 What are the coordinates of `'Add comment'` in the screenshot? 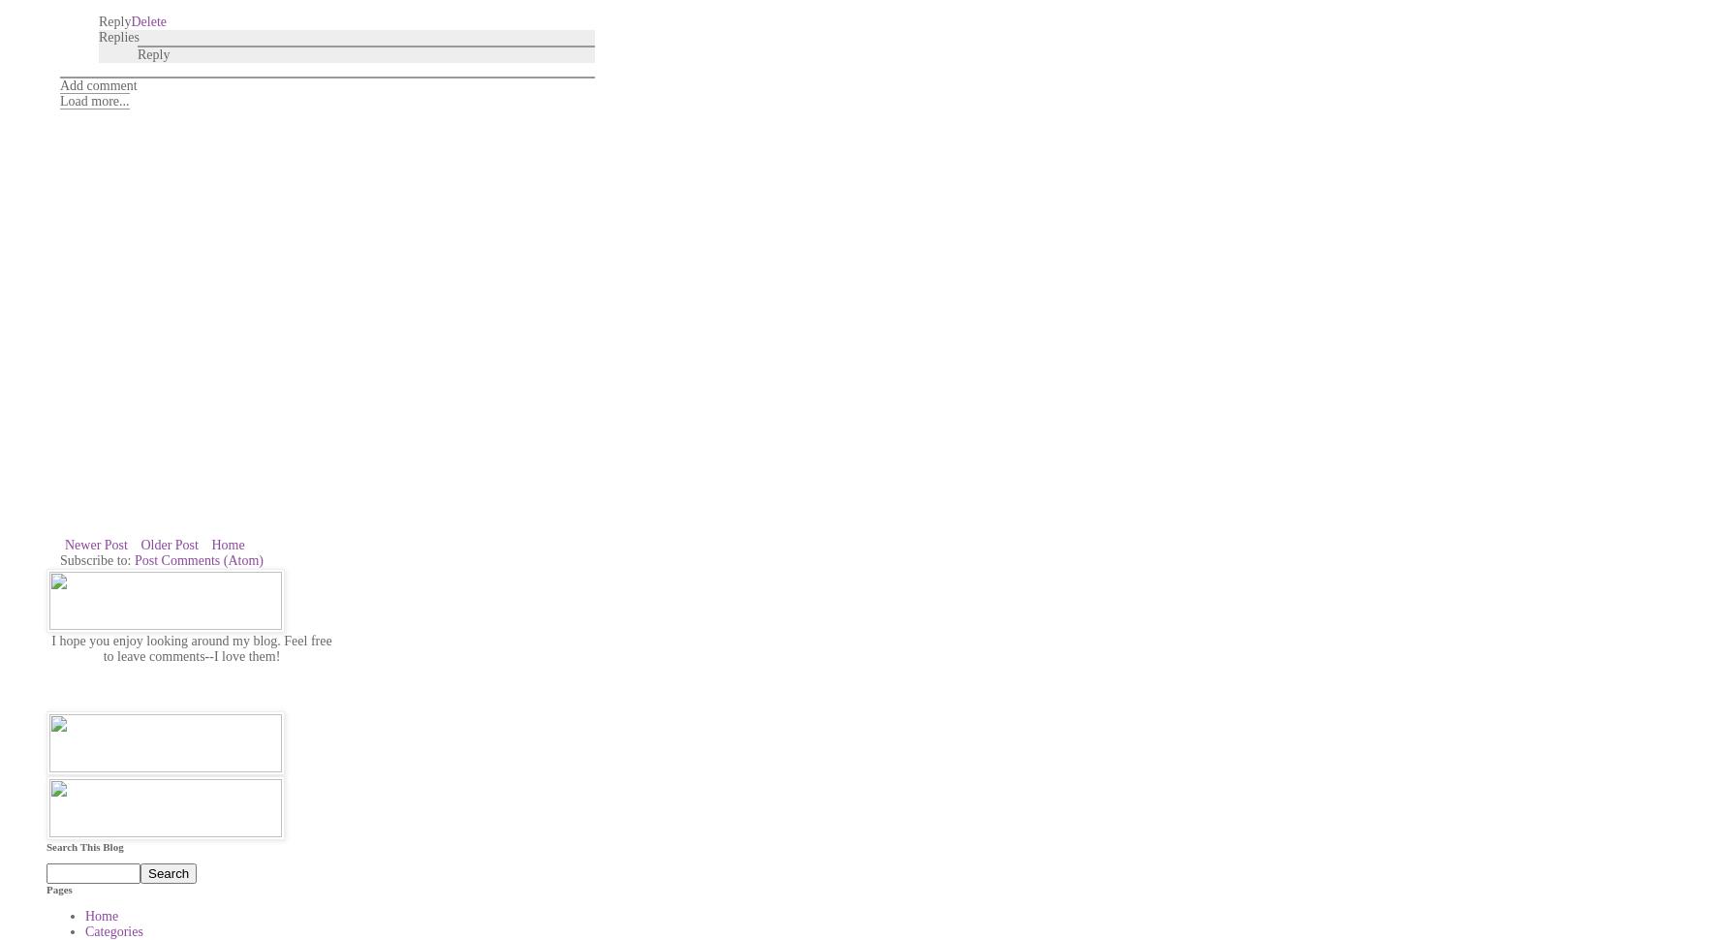 It's located at (58, 83).